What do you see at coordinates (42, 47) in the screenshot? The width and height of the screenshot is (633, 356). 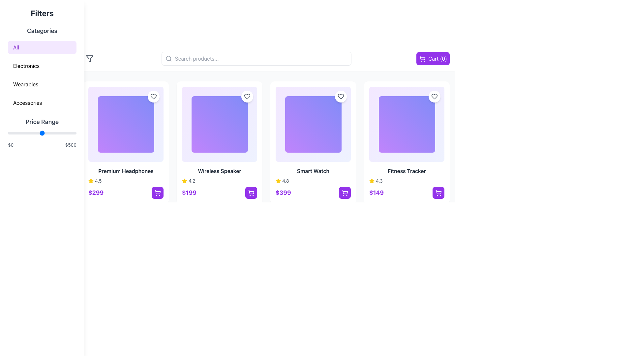 I see `interactive button for filtering all categories, located at the top of the list beneath the 'Categories' heading in the sidebar` at bounding box center [42, 47].